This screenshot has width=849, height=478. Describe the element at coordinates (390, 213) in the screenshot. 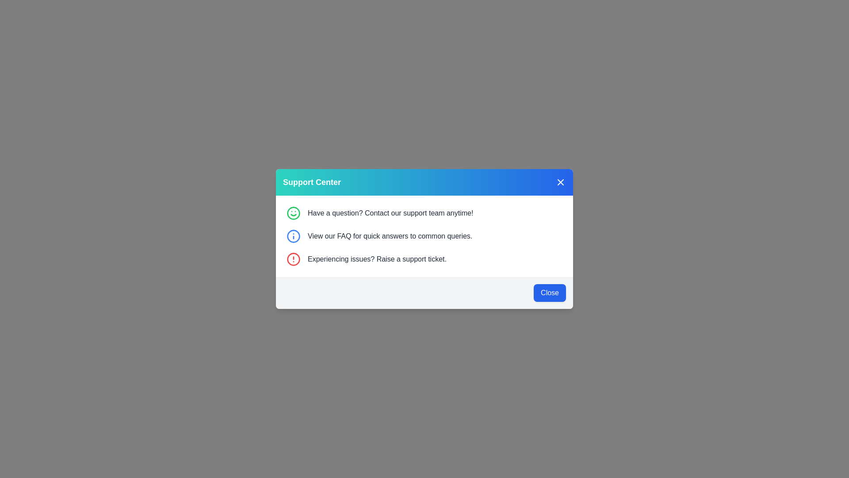

I see `informative text displaying 'Have a question? Contact our support team anytime!' which is positioned in the upper section of the modal interface, next to a green smiley icon` at that location.